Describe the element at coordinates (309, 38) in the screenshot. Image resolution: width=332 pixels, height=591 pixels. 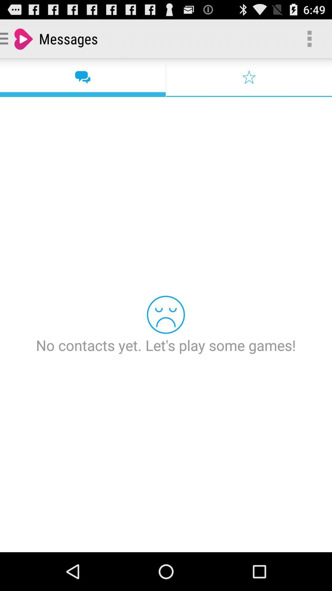
I see `app next to messages icon` at that location.